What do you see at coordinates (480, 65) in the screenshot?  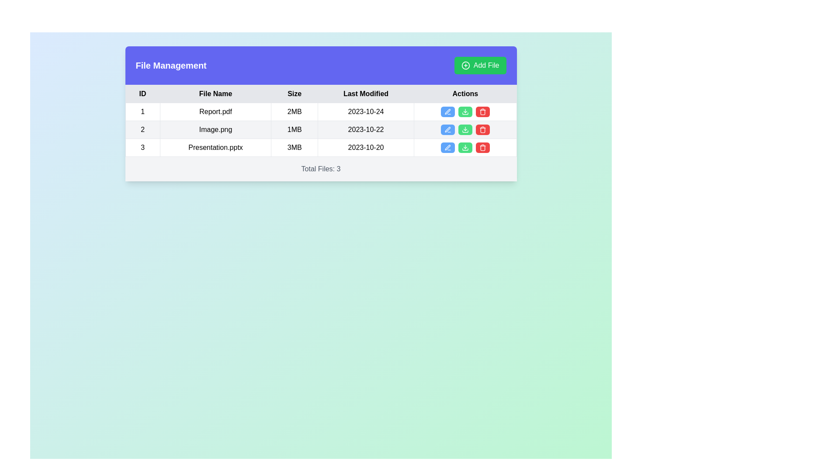 I see `the 'Add File' button, which is a rectangular button with a green background and white text, located at the top-right corner of the 'File Management' card` at bounding box center [480, 65].